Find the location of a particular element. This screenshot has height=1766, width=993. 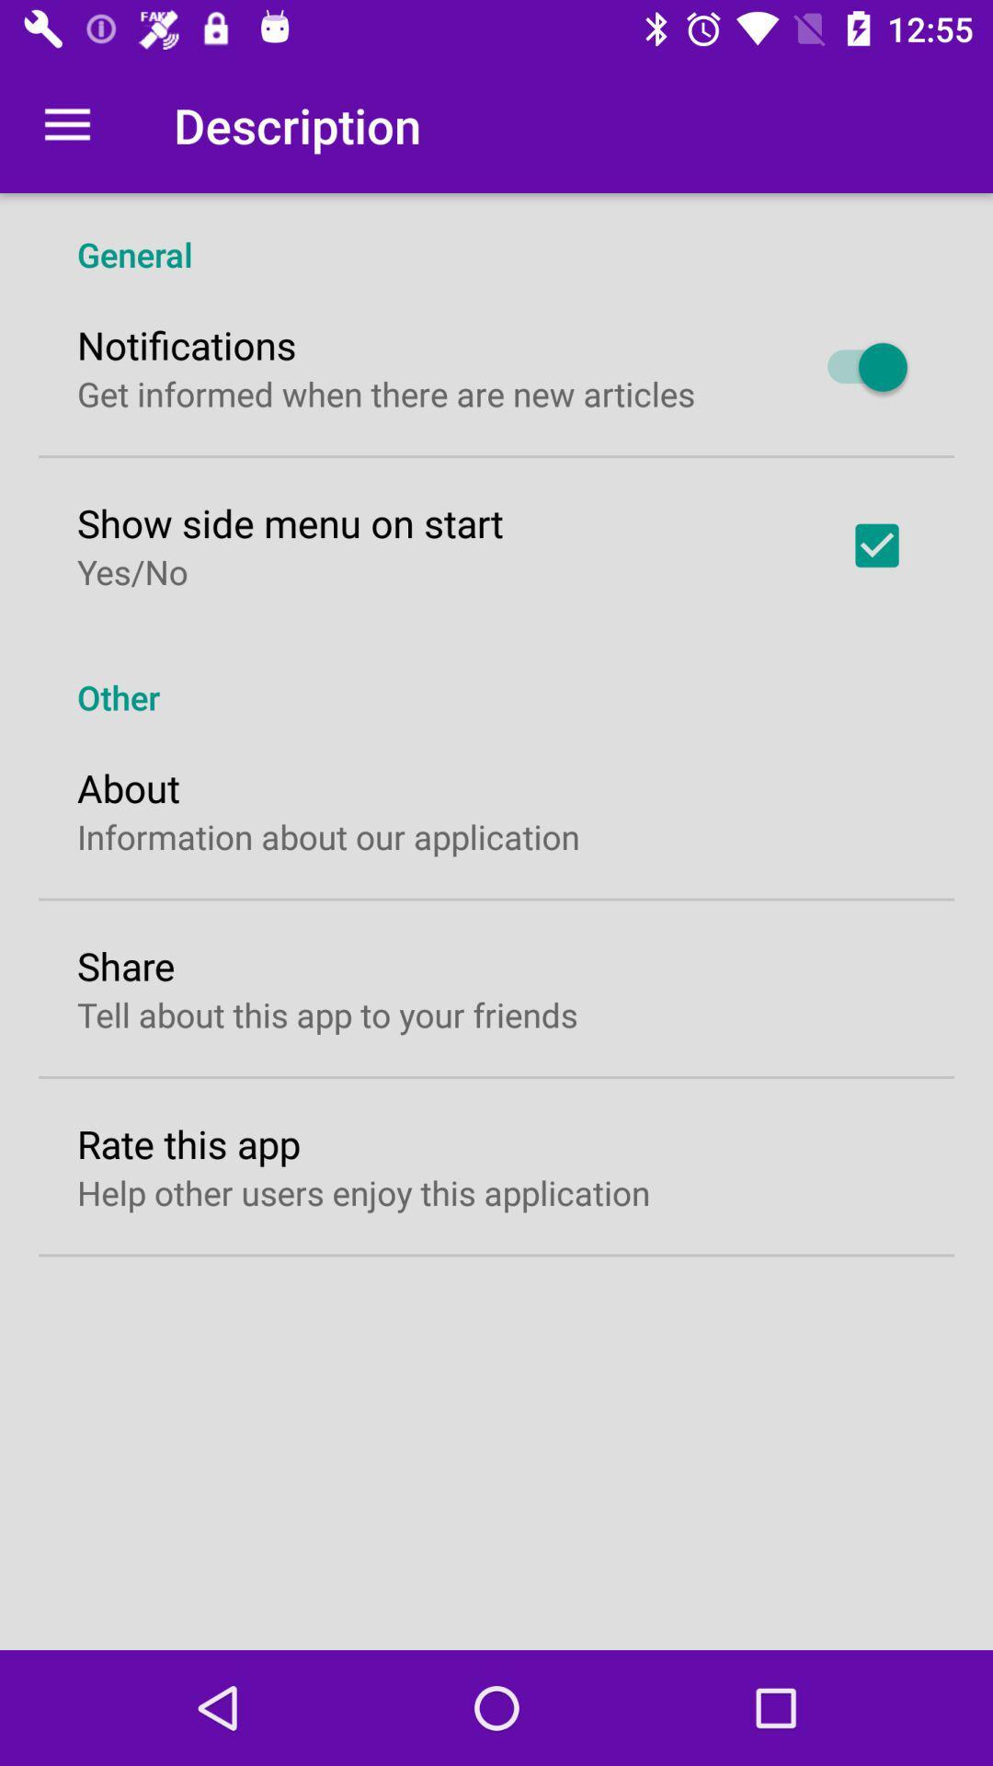

item next to get informed when is located at coordinates (858, 367).